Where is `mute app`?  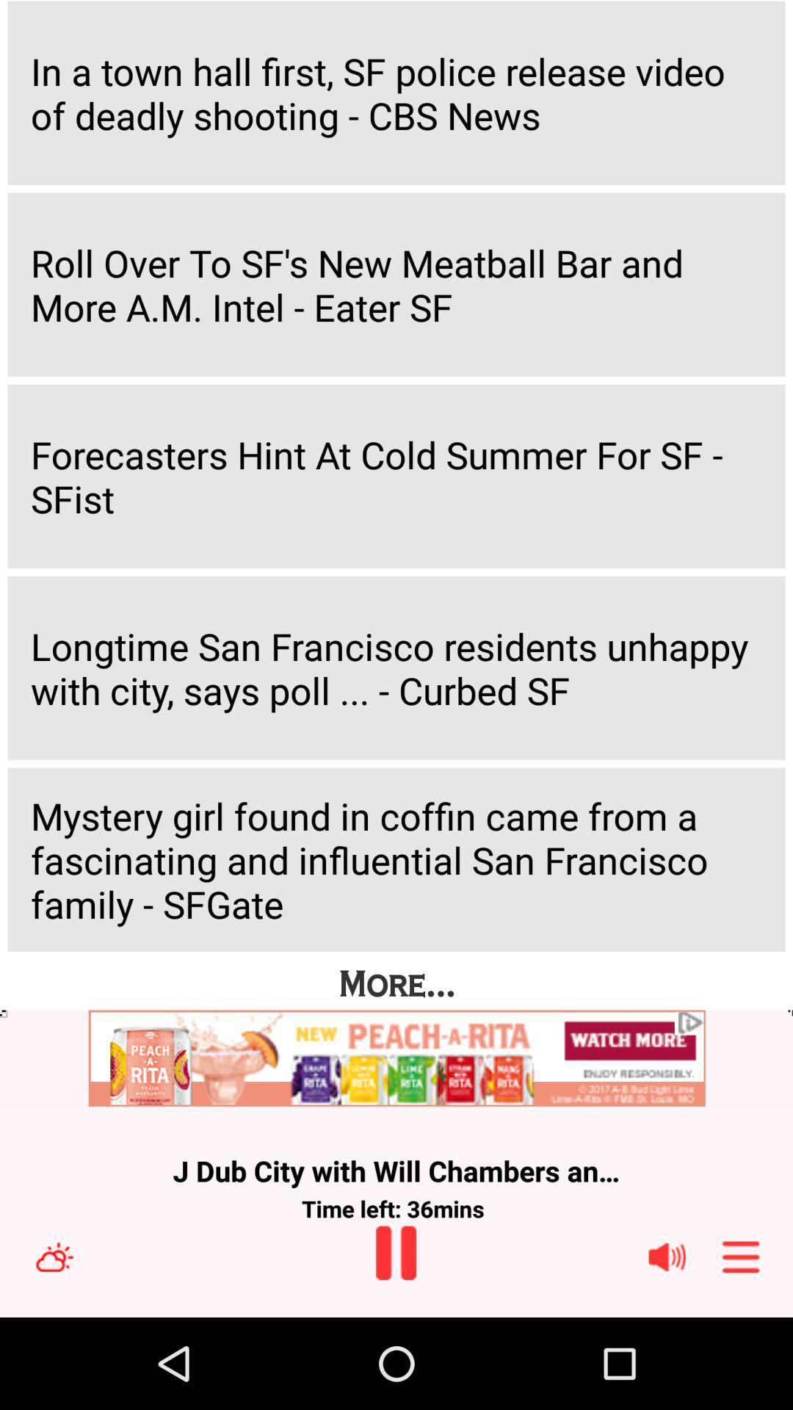
mute app is located at coordinates (667, 1256).